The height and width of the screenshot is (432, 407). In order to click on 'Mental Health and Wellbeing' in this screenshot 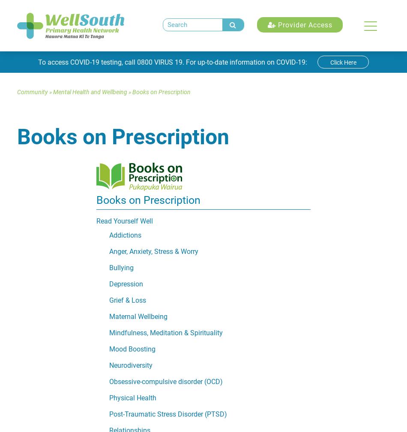, I will do `click(90, 92)`.